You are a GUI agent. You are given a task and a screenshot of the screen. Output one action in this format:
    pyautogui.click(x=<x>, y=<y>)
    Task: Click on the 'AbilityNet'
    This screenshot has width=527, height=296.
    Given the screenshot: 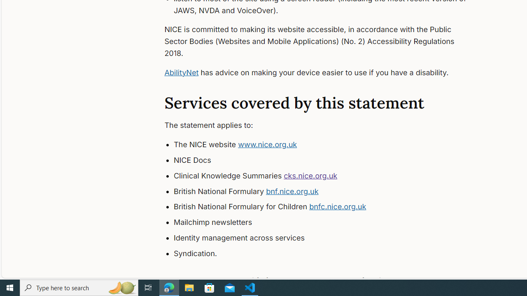 What is the action you would take?
    pyautogui.click(x=181, y=72)
    